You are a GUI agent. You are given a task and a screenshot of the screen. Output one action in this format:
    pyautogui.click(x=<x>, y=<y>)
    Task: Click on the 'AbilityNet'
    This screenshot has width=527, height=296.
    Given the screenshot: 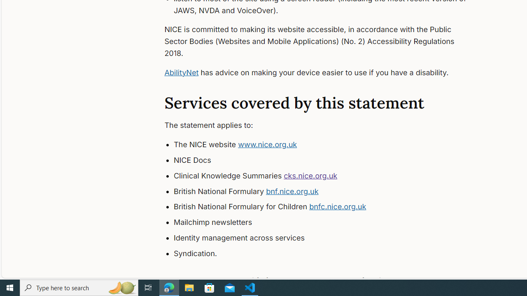 What is the action you would take?
    pyautogui.click(x=181, y=72)
    